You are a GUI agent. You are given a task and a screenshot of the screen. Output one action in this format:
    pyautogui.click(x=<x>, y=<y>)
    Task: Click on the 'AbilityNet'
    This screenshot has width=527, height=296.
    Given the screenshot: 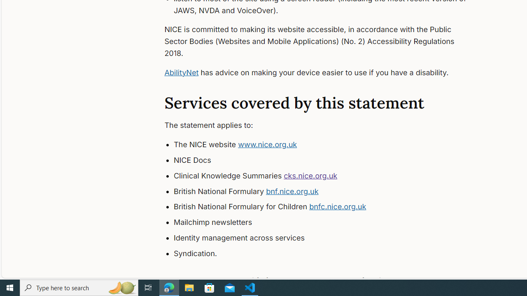 What is the action you would take?
    pyautogui.click(x=181, y=72)
    